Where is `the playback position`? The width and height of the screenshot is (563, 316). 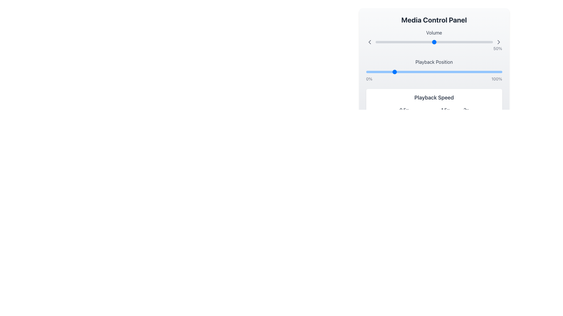
the playback position is located at coordinates (409, 72).